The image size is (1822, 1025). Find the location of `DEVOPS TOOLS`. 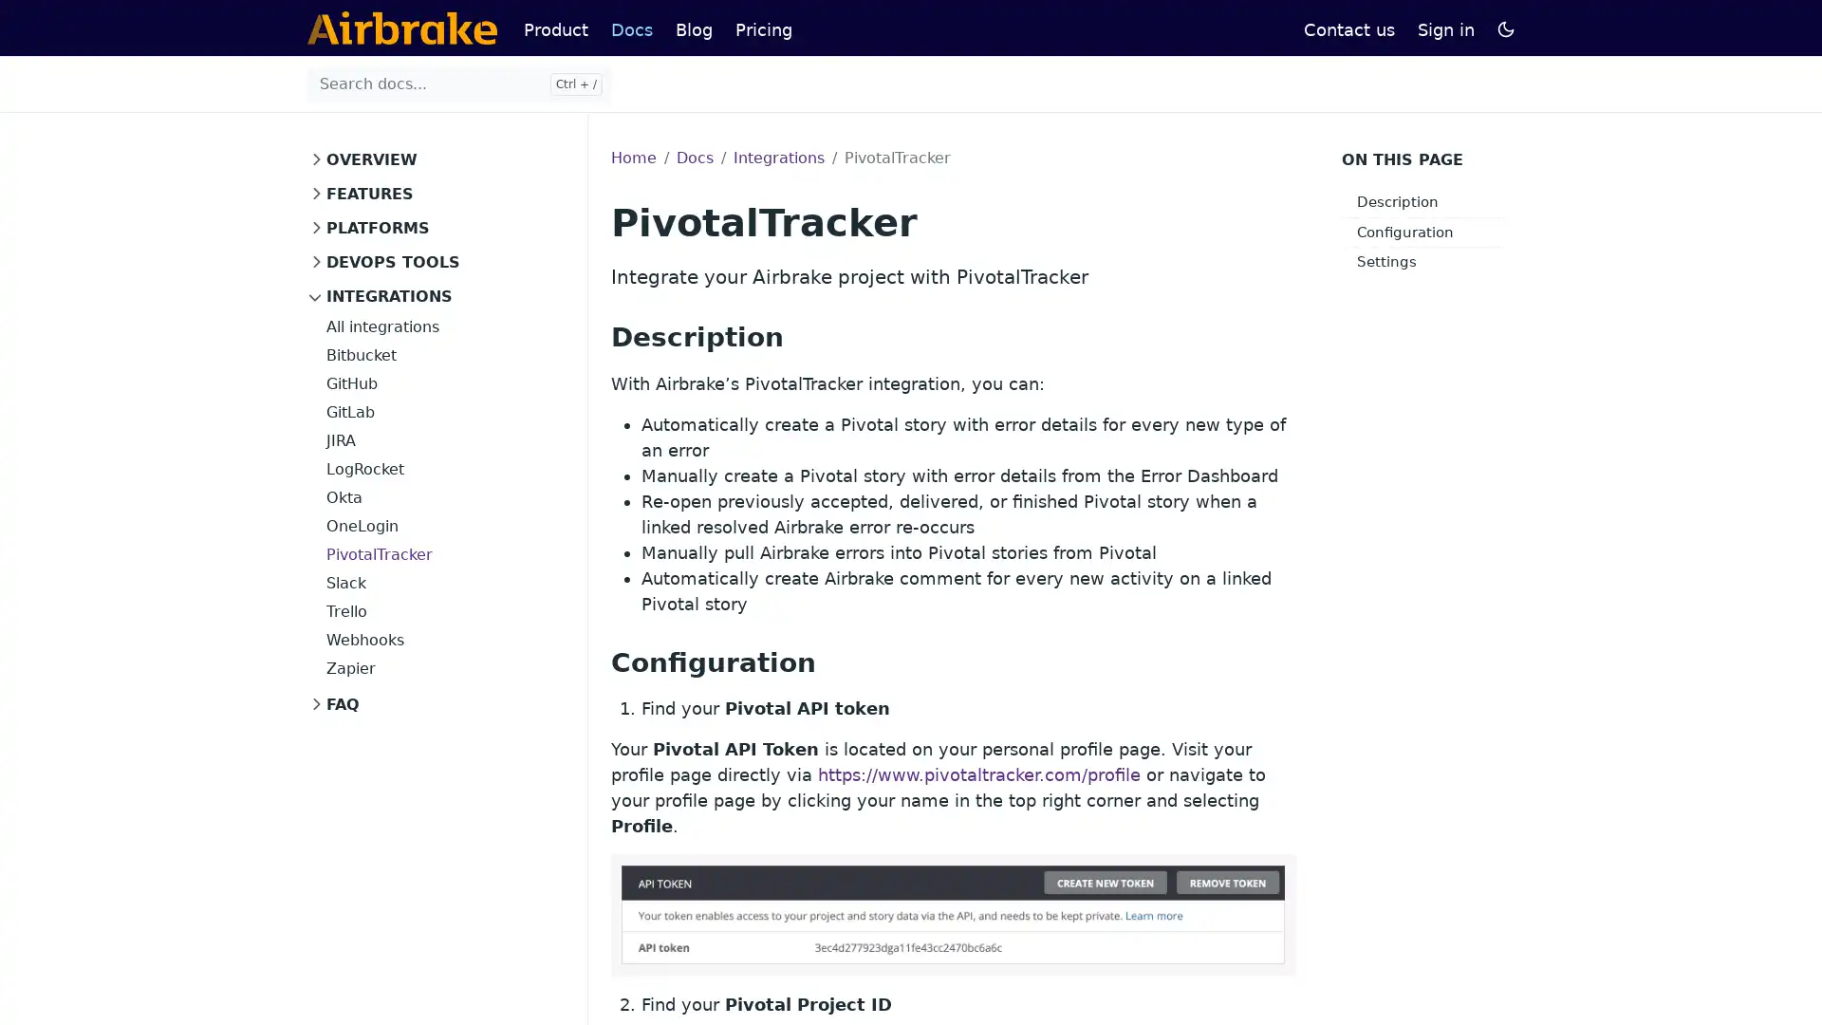

DEVOPS TOOLS is located at coordinates (386, 263).